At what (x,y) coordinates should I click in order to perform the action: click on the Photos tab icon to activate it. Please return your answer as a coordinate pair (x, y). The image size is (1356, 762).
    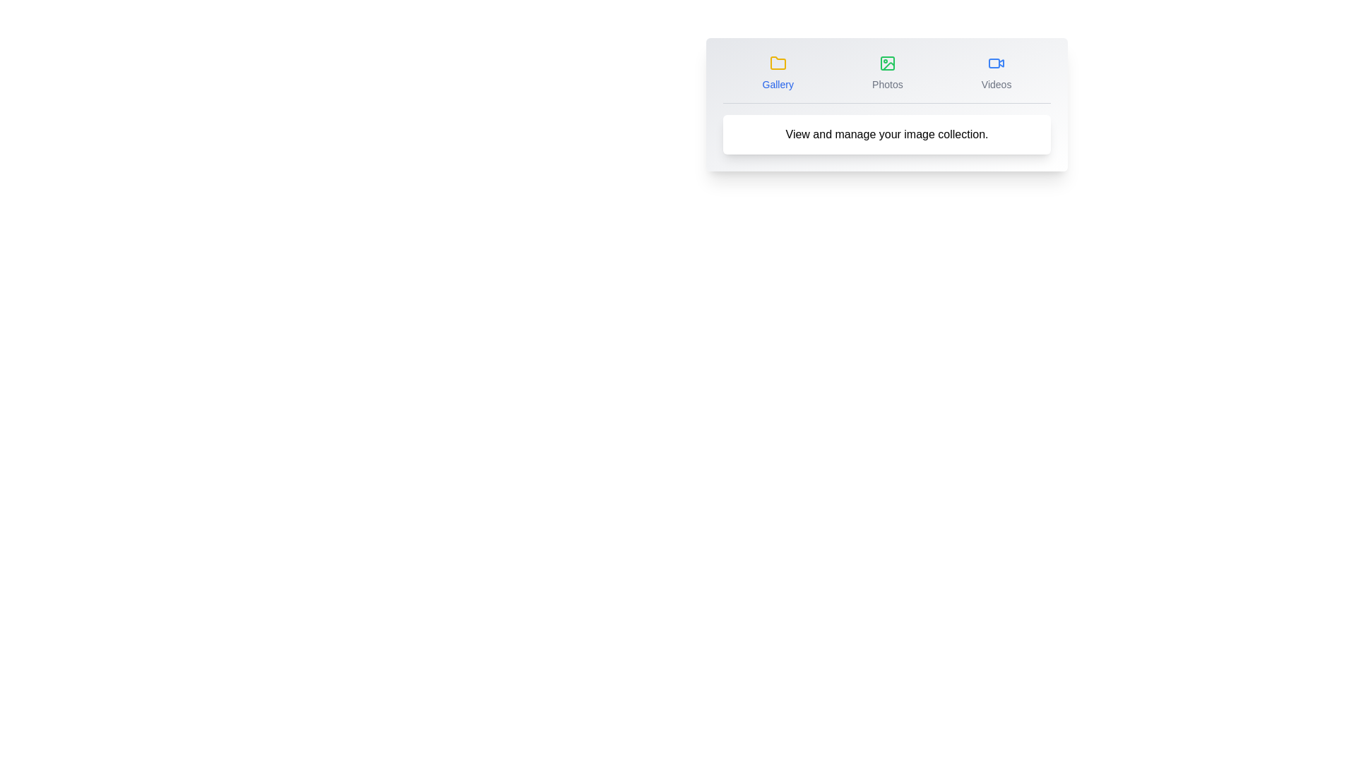
    Looking at the image, I should click on (886, 73).